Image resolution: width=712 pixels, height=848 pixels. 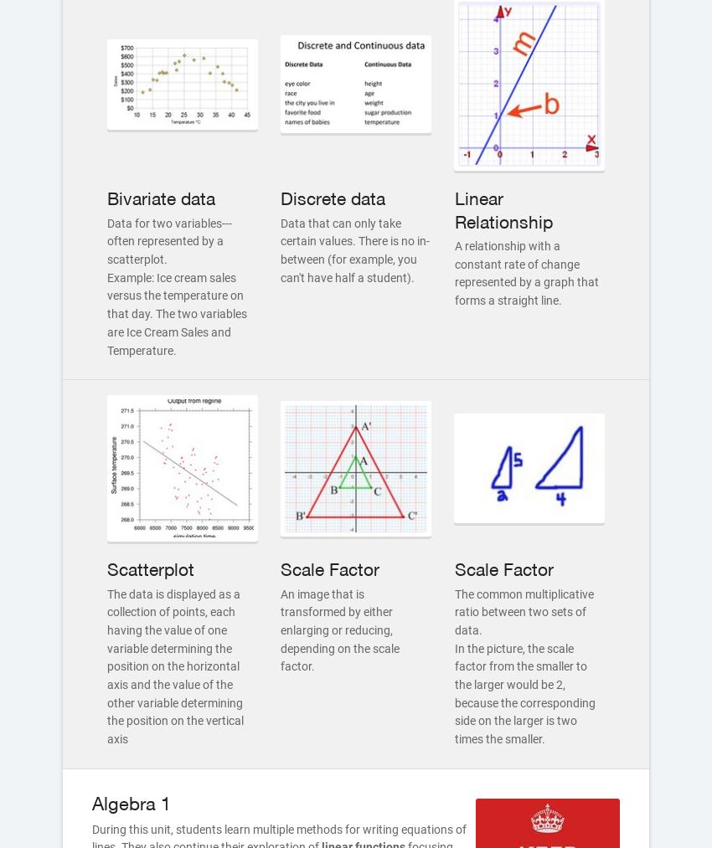 I want to click on 'Discrete data', so click(x=280, y=198).